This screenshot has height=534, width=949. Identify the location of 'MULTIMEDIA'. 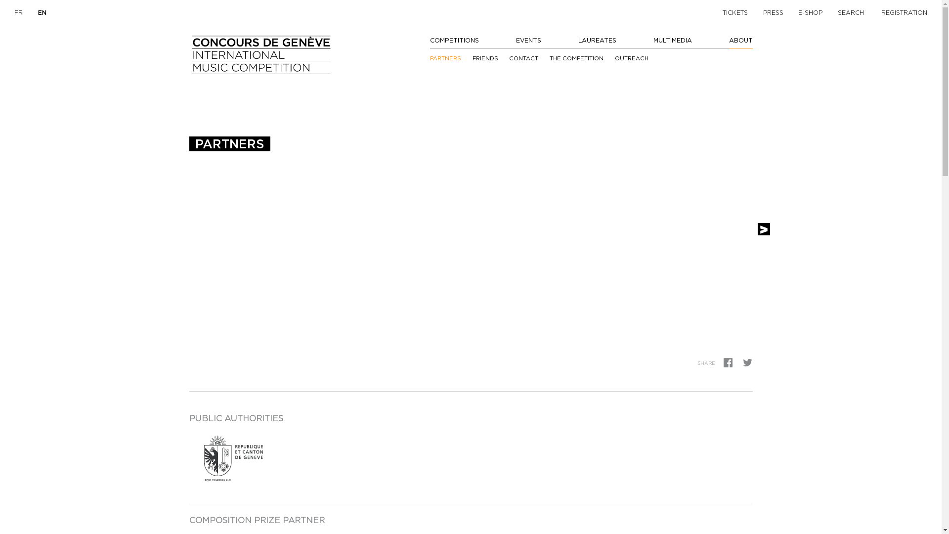
(672, 40).